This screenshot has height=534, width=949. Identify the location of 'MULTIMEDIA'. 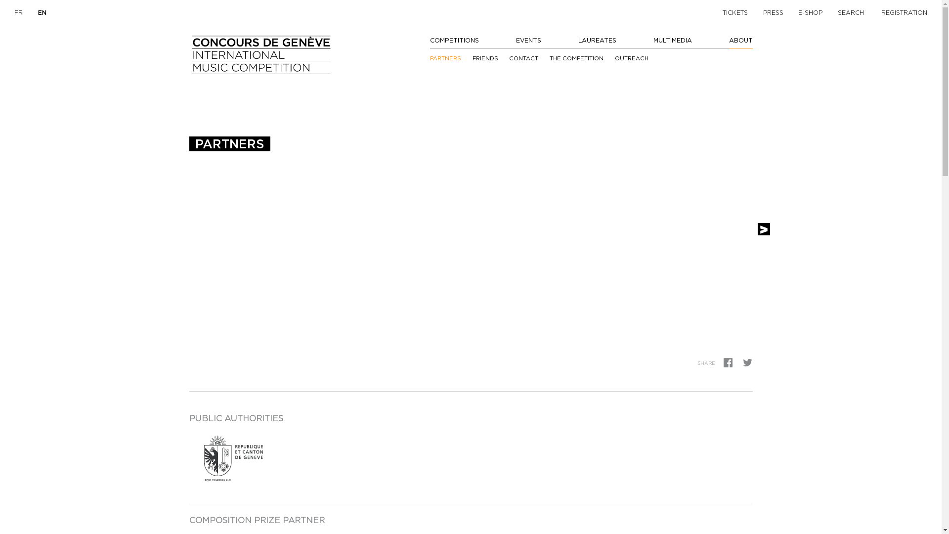
(672, 40).